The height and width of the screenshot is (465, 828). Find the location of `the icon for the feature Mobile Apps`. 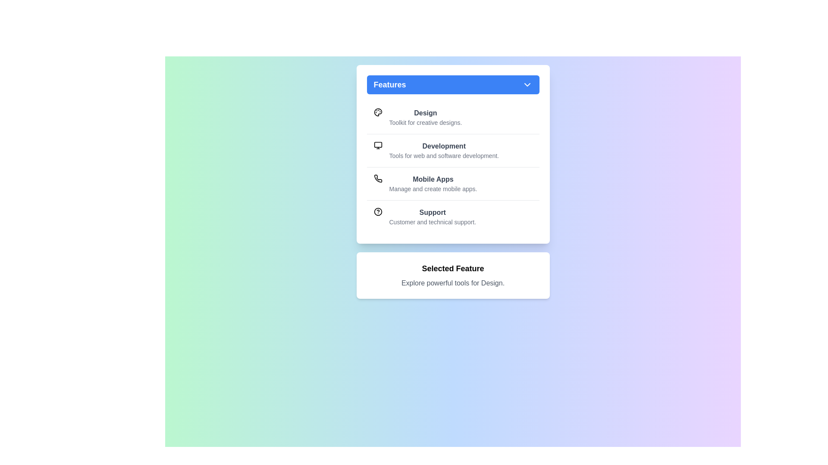

the icon for the feature Mobile Apps is located at coordinates (378, 178).